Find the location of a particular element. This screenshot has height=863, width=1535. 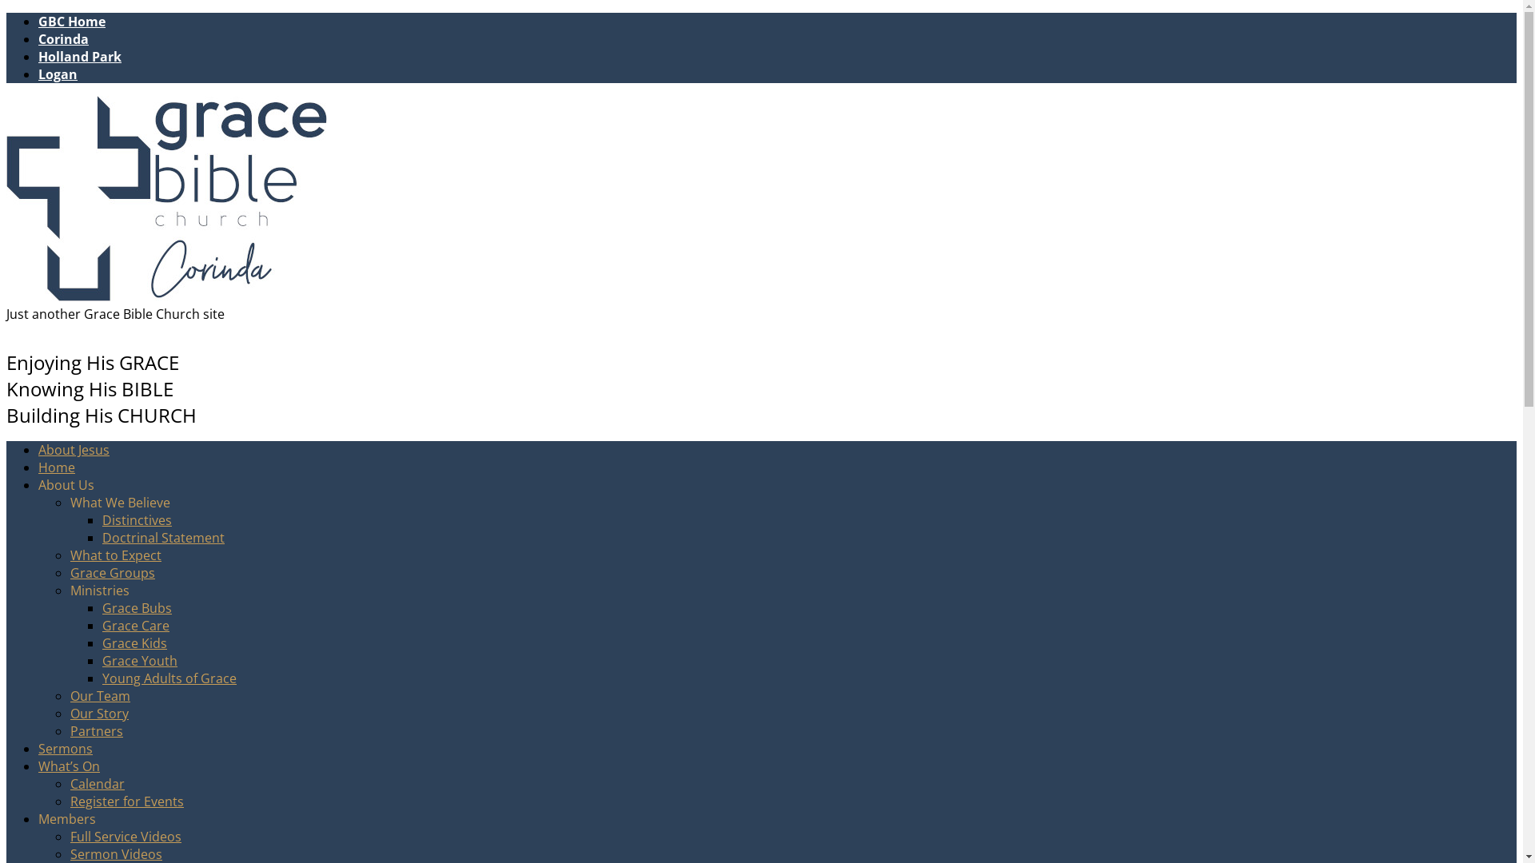

'Sermons' is located at coordinates (64, 749).